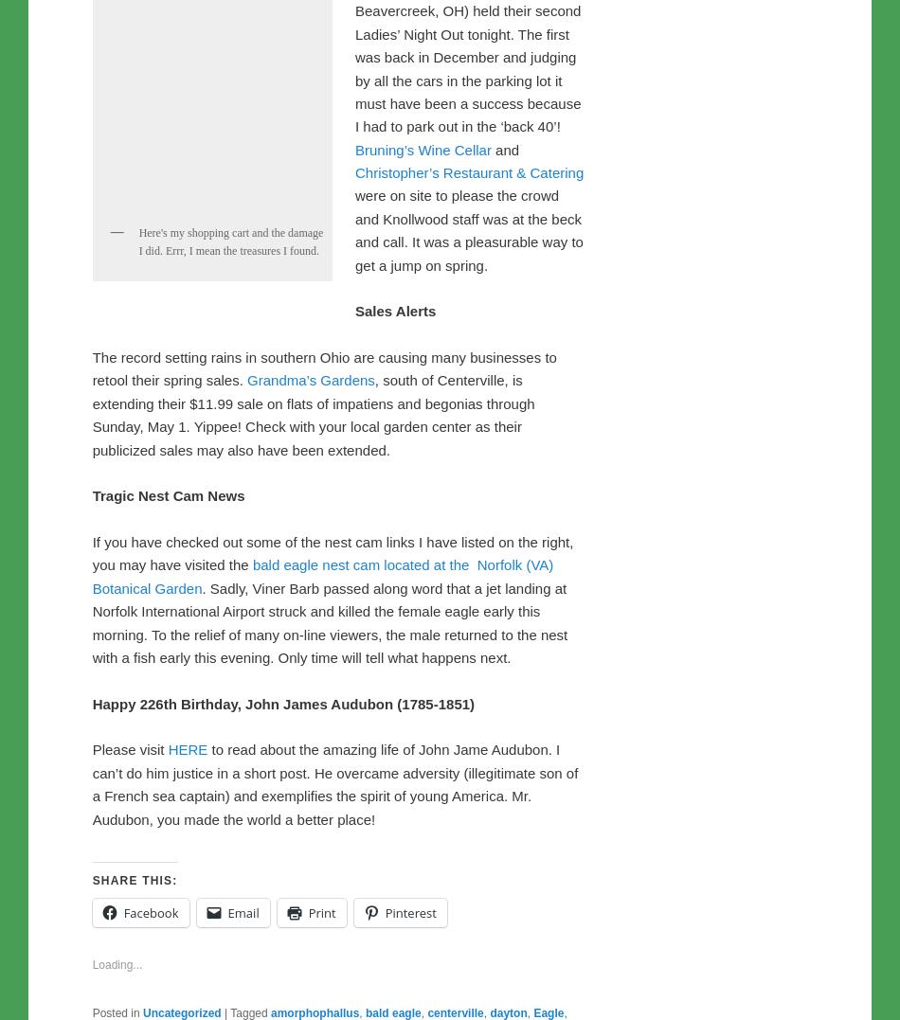 The width and height of the screenshot is (900, 1020). What do you see at coordinates (332, 142) in the screenshot?
I see `'is came into bloom last Saturday at The Ohio State University’s greenhouse in Columbus, Ohio and is really charming the crowds. This rare plant from the Indonesian rain forest is a sight,and smell to remember. The bloom’s fragrance is its key to attracting the right pollinators. I grow a smaller version called'` at bounding box center [332, 142].